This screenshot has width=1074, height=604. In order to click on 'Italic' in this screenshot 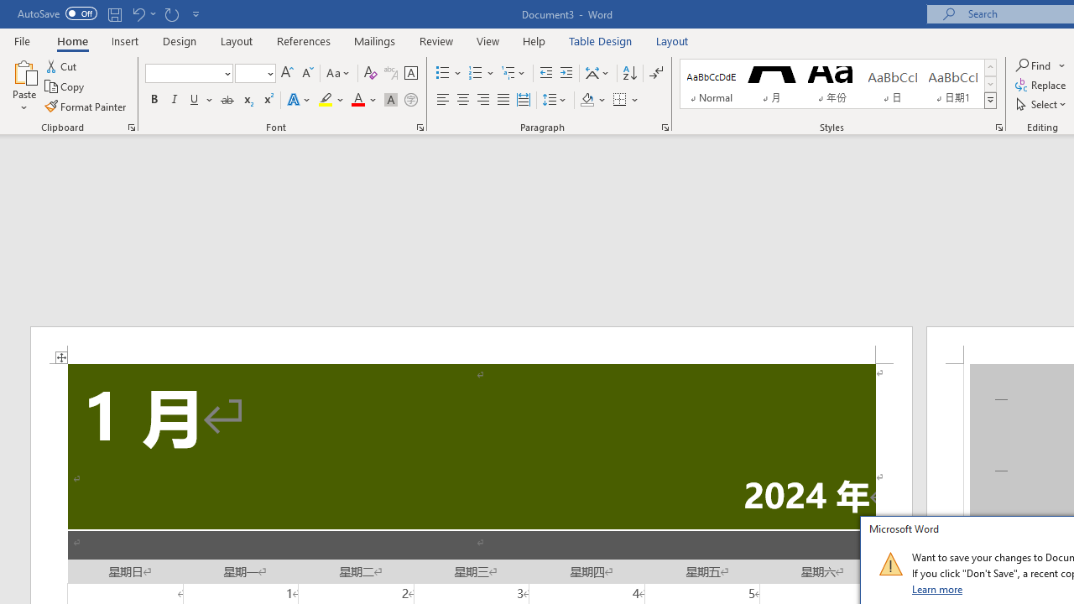, I will do `click(175, 100)`.